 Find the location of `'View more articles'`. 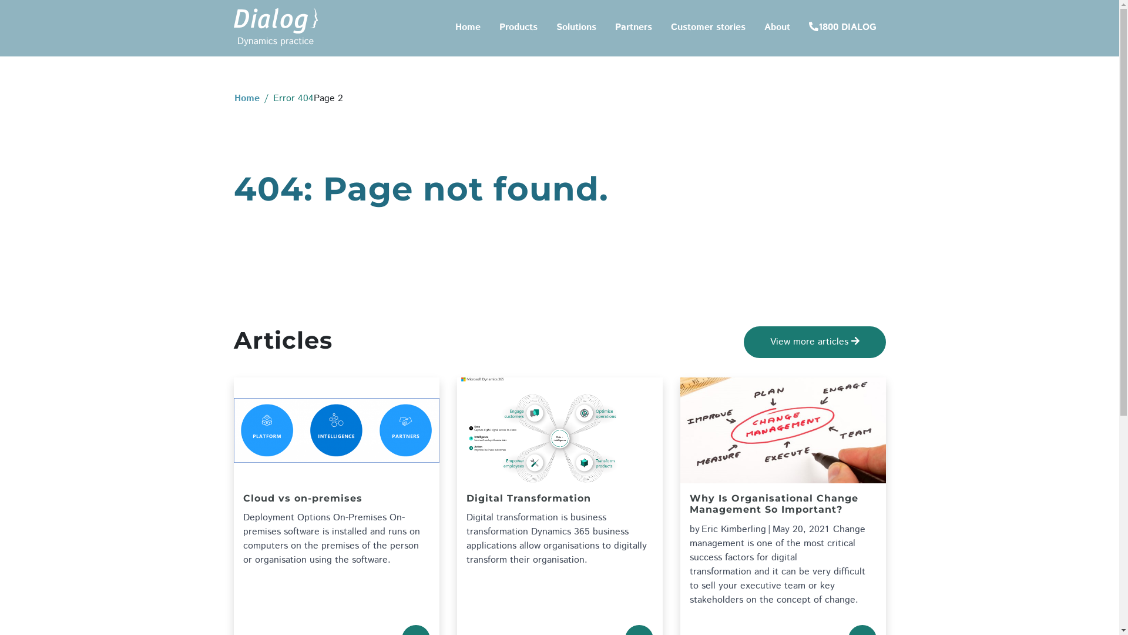

'View more articles' is located at coordinates (814, 342).